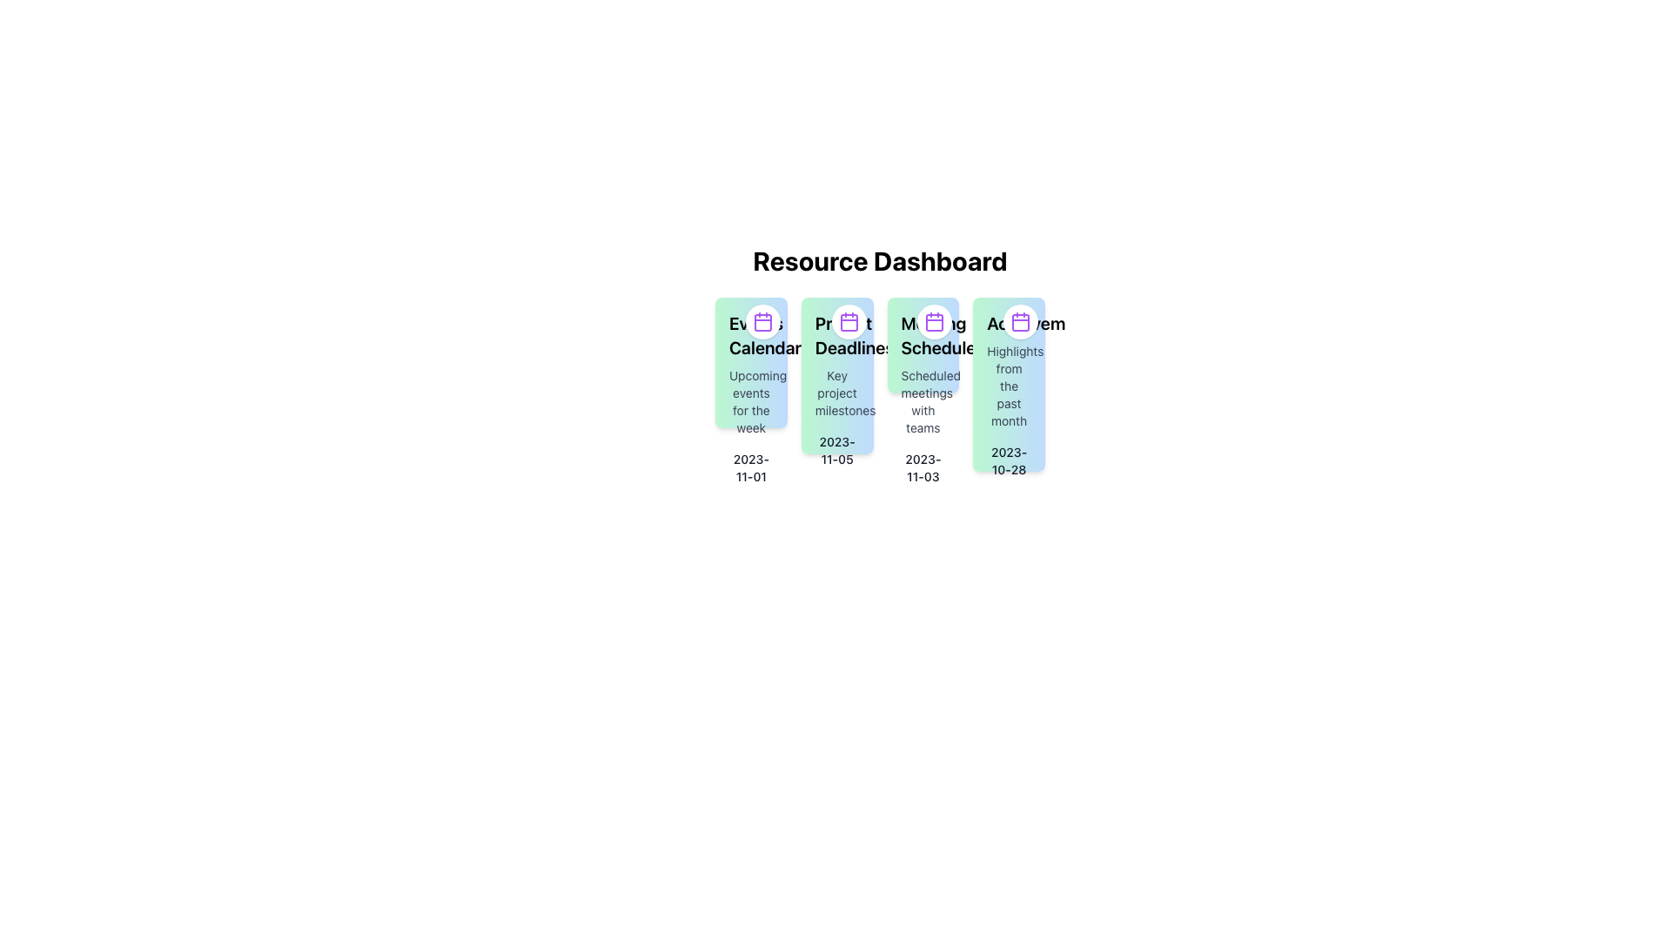 The image size is (1671, 940). What do you see at coordinates (1009, 460) in the screenshot?
I see `the static text label displaying a specific date under the 'Highlights from the past month' in the fourth card of the 'Resource Dashboard' panel` at bounding box center [1009, 460].